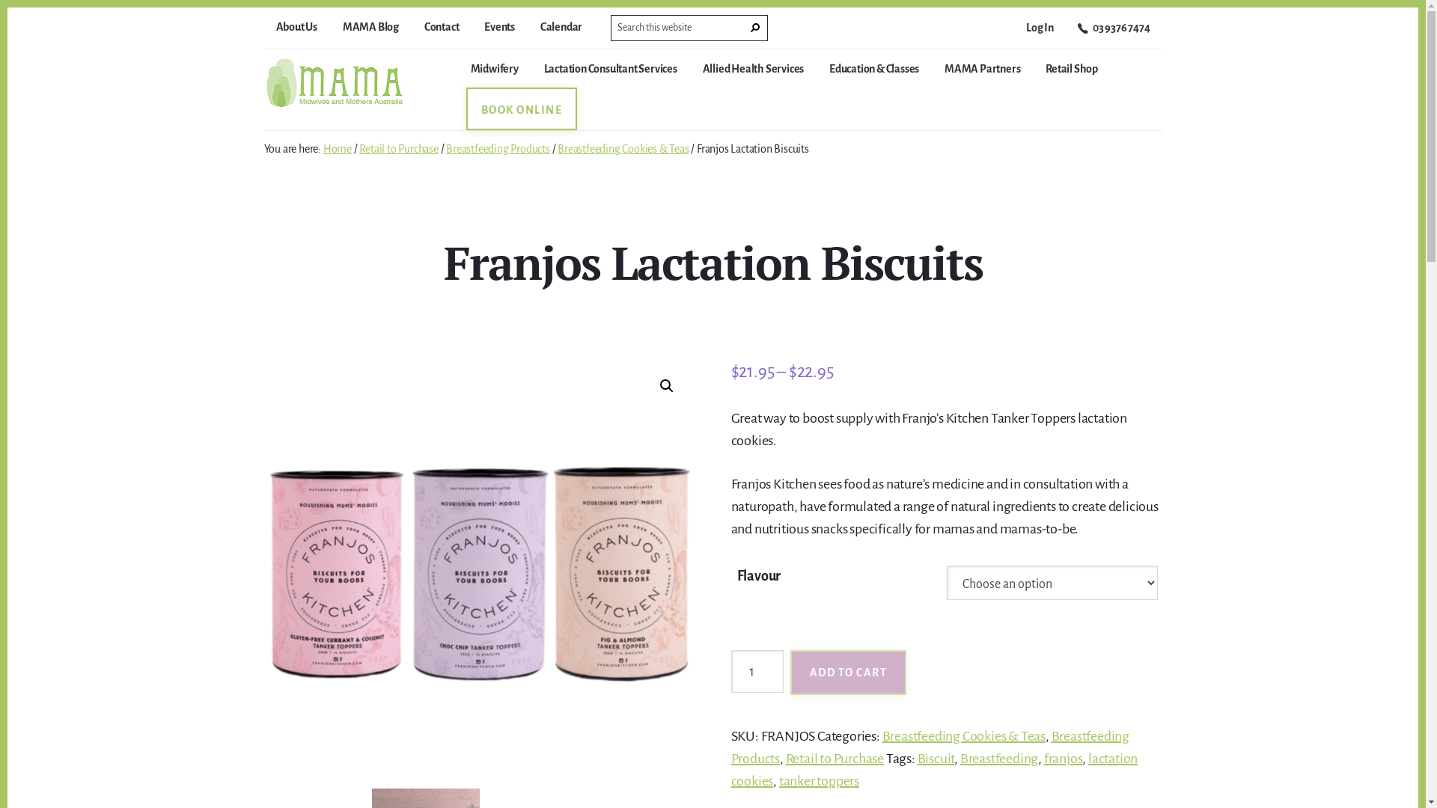 Image resolution: width=1437 pixels, height=808 pixels. Describe the element at coordinates (7, 7) in the screenshot. I see `'Skip to content'` at that location.